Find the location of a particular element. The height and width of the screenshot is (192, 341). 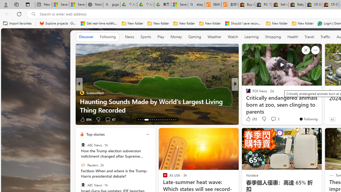

'Learning' is located at coordinates (251, 36).